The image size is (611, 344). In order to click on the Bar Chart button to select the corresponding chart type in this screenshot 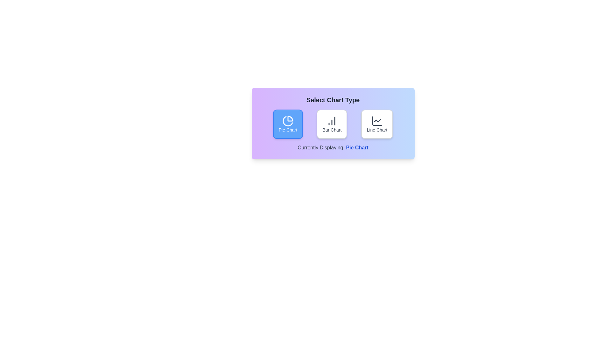, I will do `click(332, 124)`.